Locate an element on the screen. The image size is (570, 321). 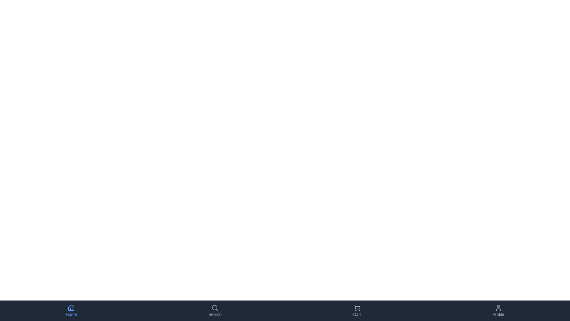
the user profile icon located in the bottom navigation bar, specifically in the far-right section labeled 'Profile' is located at coordinates (498, 308).